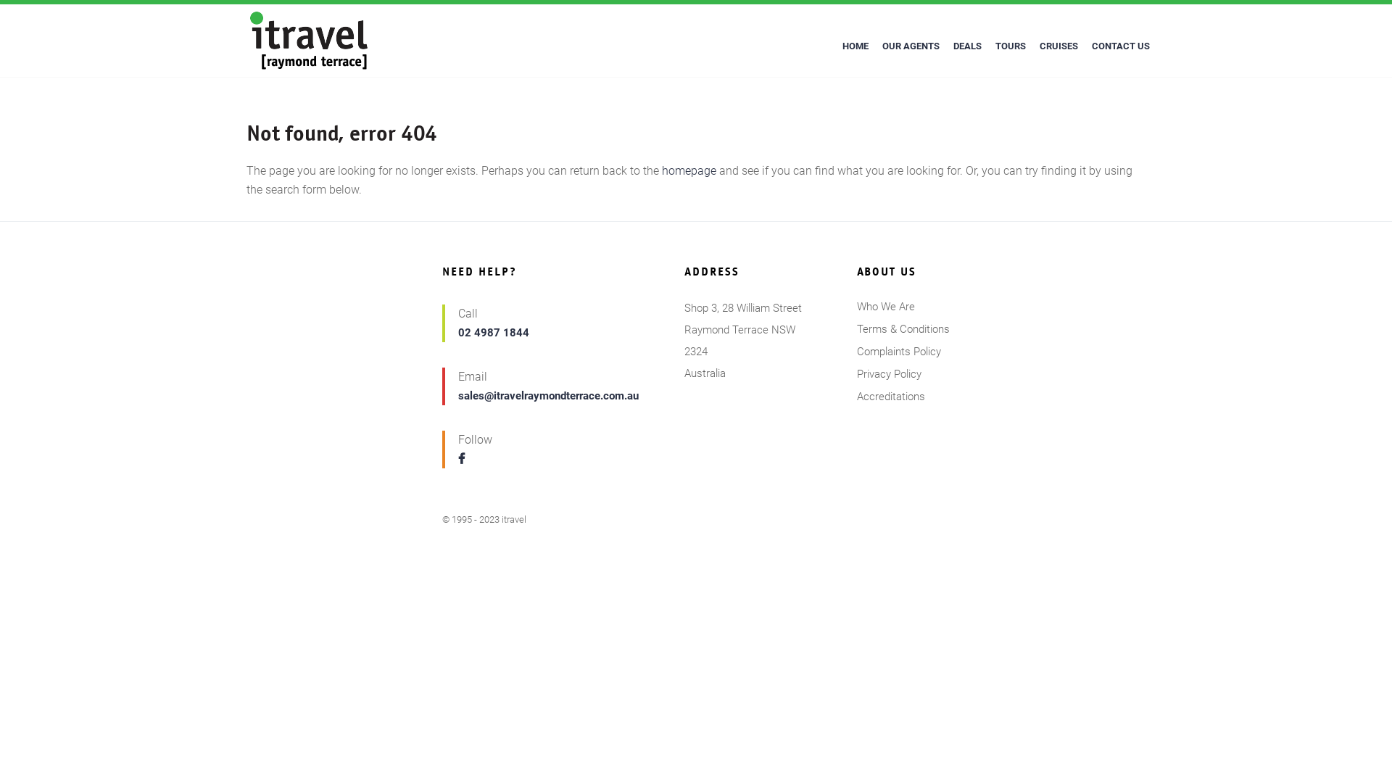 The height and width of the screenshot is (783, 1392). I want to click on 'Privacy Policy', so click(856, 373).